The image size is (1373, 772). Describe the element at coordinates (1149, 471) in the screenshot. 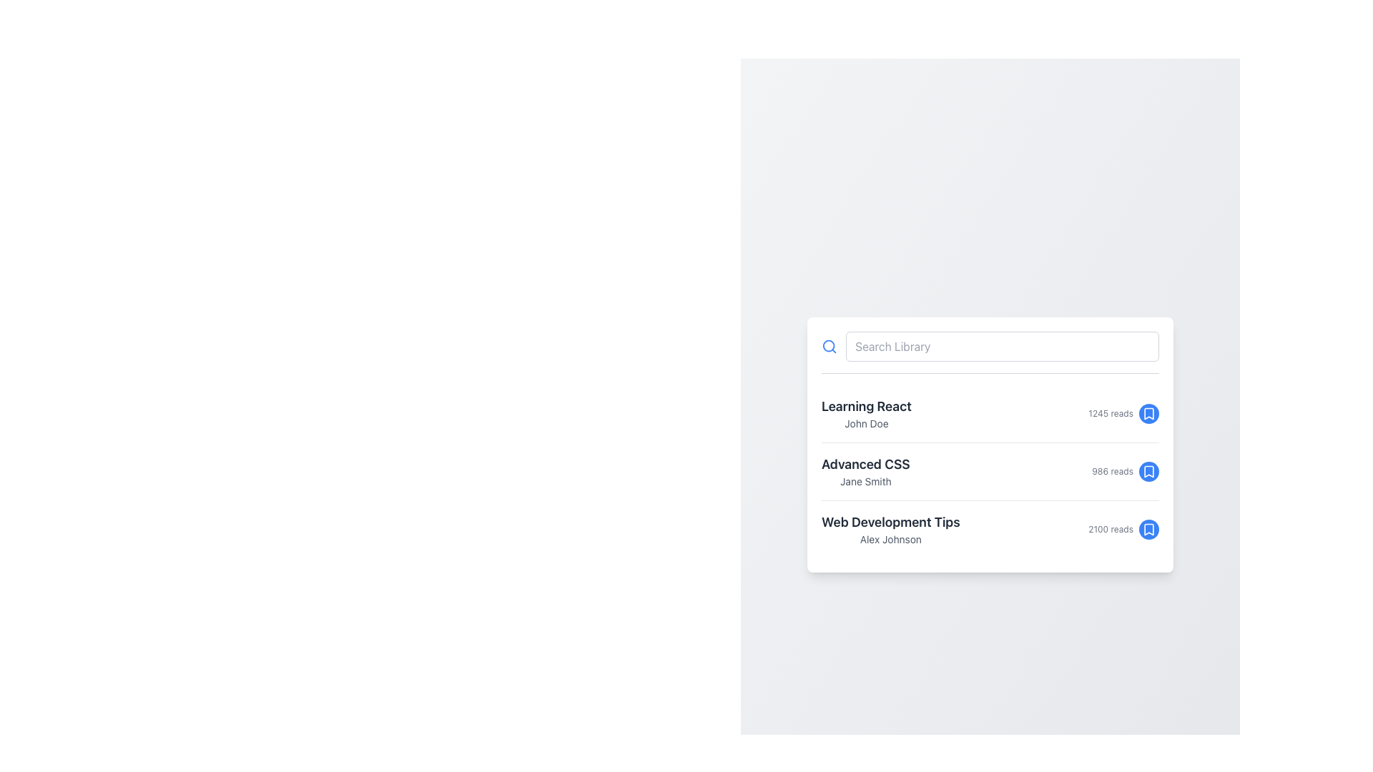

I see `the circular blue button with a white bookmark icon located to the right of the text '986 reads' in the 'Advanced CSS' entry` at that location.